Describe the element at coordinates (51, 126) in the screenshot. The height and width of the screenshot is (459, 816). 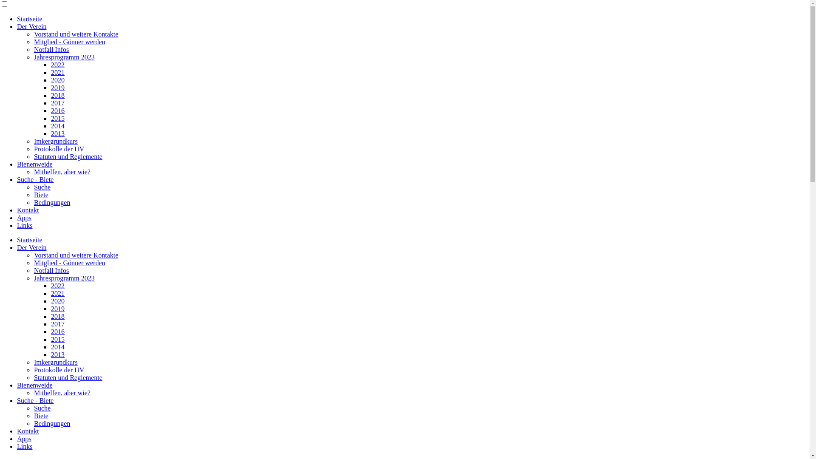
I see `'2014'` at that location.